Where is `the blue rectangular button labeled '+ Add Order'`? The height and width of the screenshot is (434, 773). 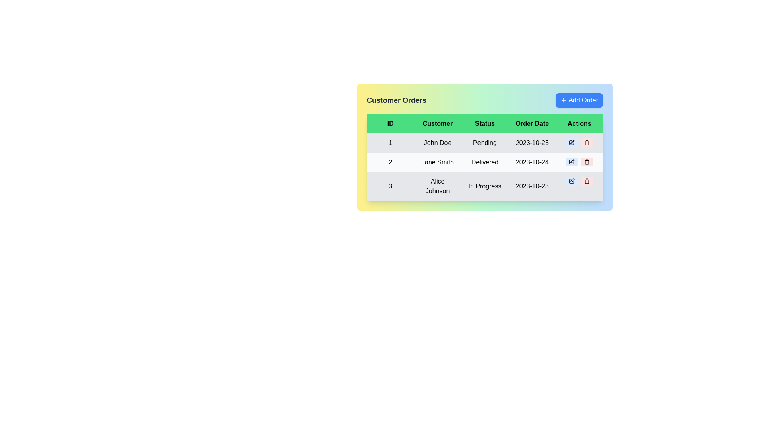
the blue rectangular button labeled '+ Add Order' is located at coordinates (579, 100).